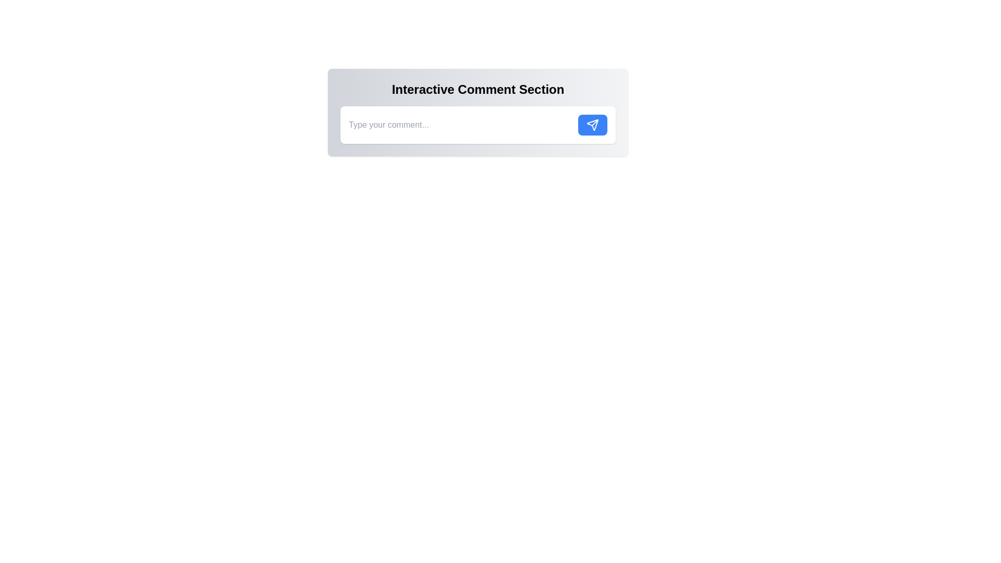  What do you see at coordinates (593, 124) in the screenshot?
I see `the paper airplane icon on the blue circular background` at bounding box center [593, 124].